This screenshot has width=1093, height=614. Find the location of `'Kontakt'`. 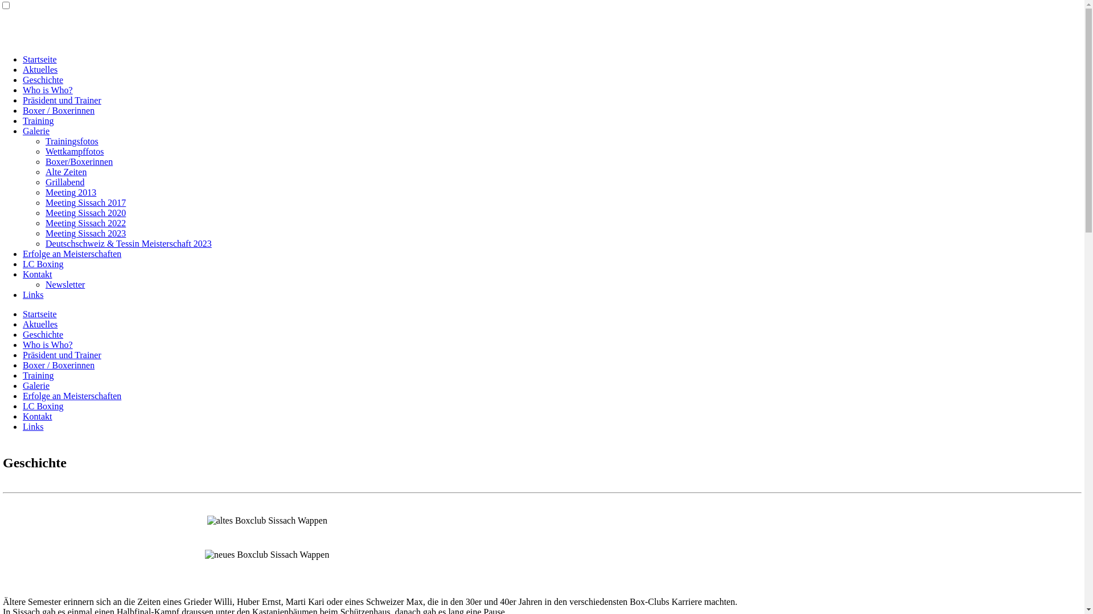

'Kontakt' is located at coordinates (38, 274).